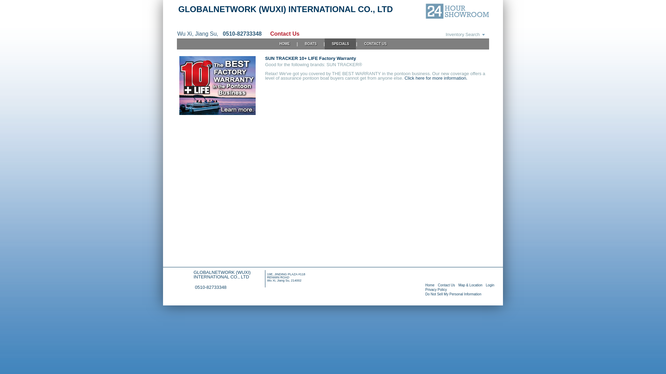 Image resolution: width=666 pixels, height=374 pixels. I want to click on 'BOATS', so click(310, 44).